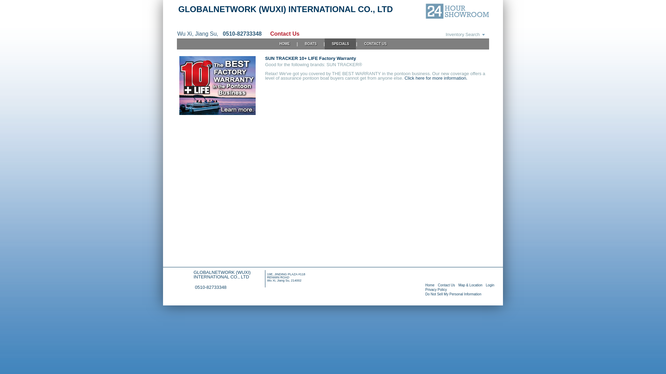 Image resolution: width=666 pixels, height=374 pixels. I want to click on 'BOATS', so click(310, 44).